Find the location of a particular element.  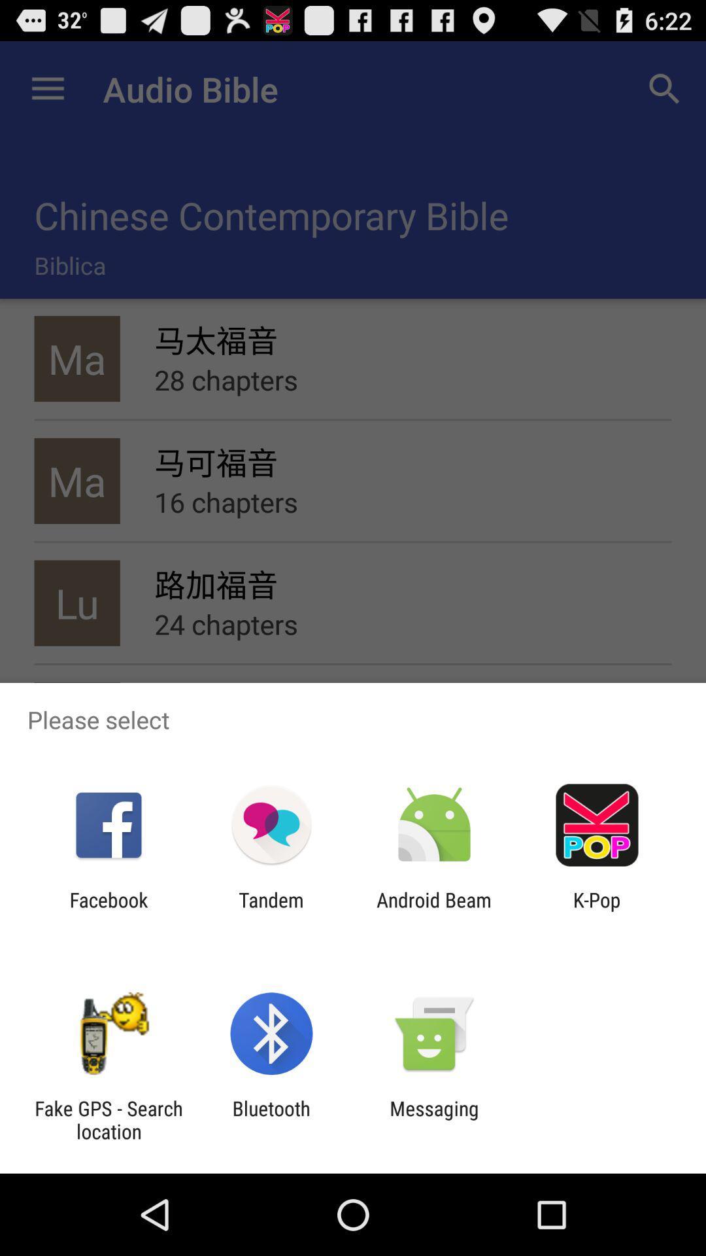

app next to facebook is located at coordinates (271, 911).